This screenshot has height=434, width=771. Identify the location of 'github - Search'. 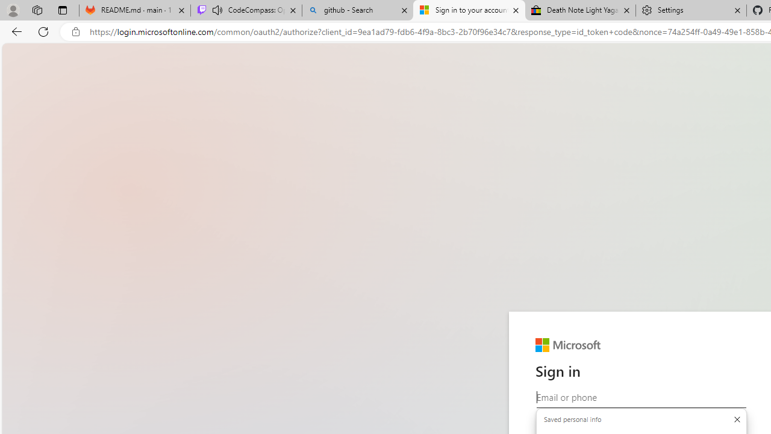
(357, 10).